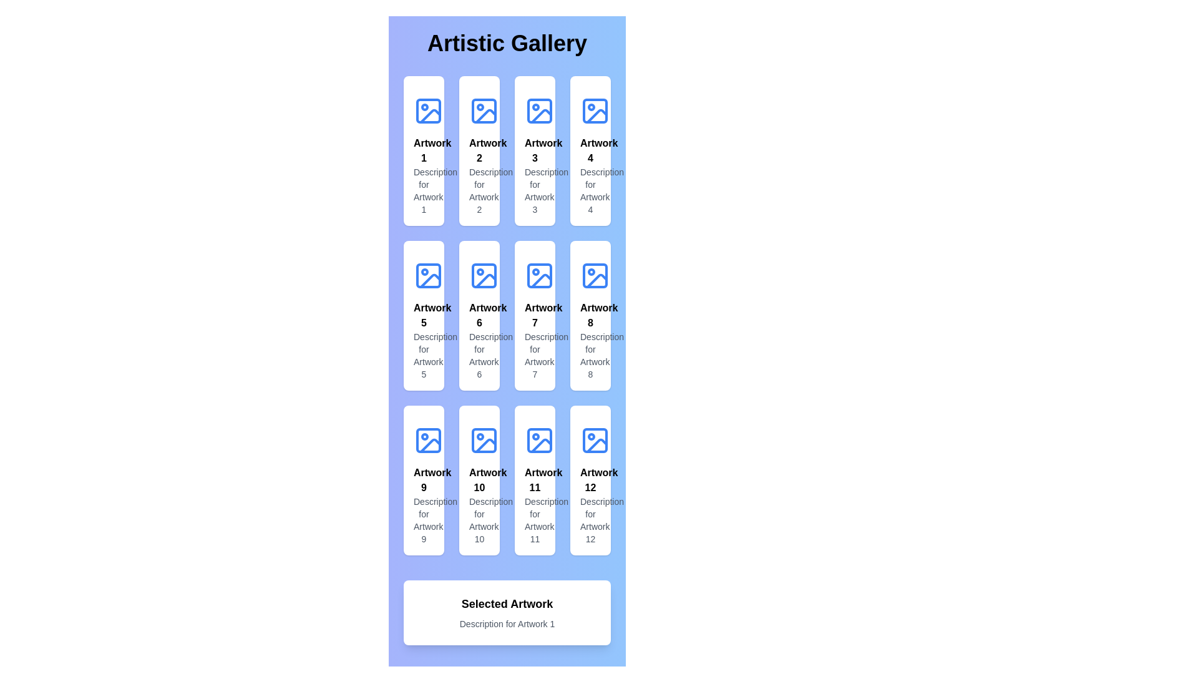 The image size is (1198, 674). What do you see at coordinates (535, 150) in the screenshot?
I see `the text label element displaying 'Artwork 3', which is positioned in the first row and third column of the grid, located directly above a descriptive text and below an image icon` at bounding box center [535, 150].